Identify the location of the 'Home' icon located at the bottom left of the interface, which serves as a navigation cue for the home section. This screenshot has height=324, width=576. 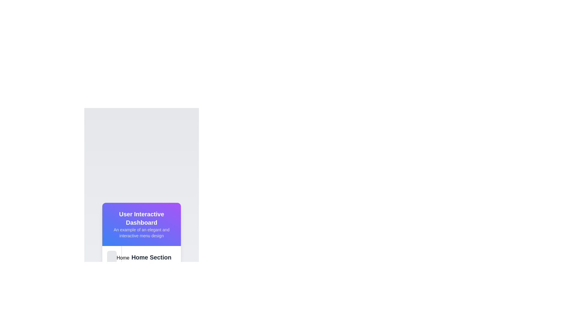
(115, 258).